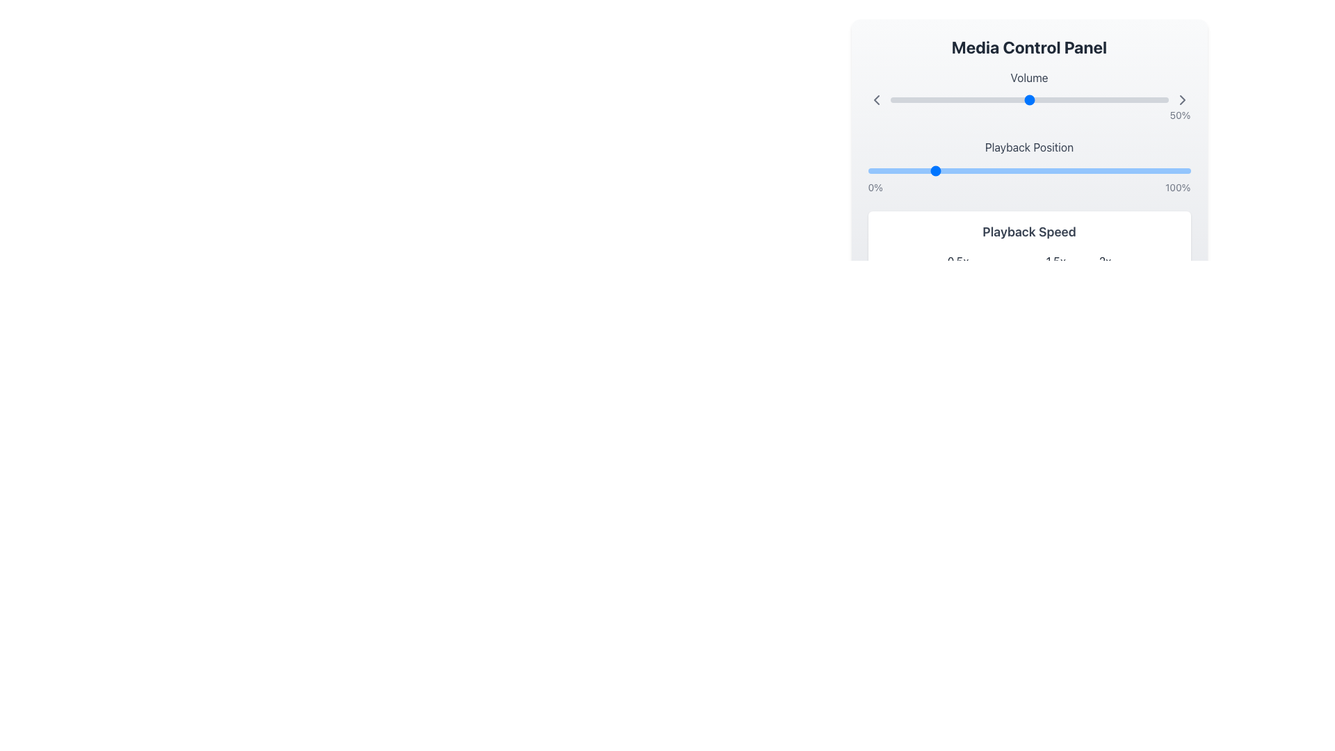 The image size is (1335, 751). Describe the element at coordinates (1029, 261) in the screenshot. I see `the playback speed option selector located within the 'Playback Speed' box in the Media Control Panel` at that location.